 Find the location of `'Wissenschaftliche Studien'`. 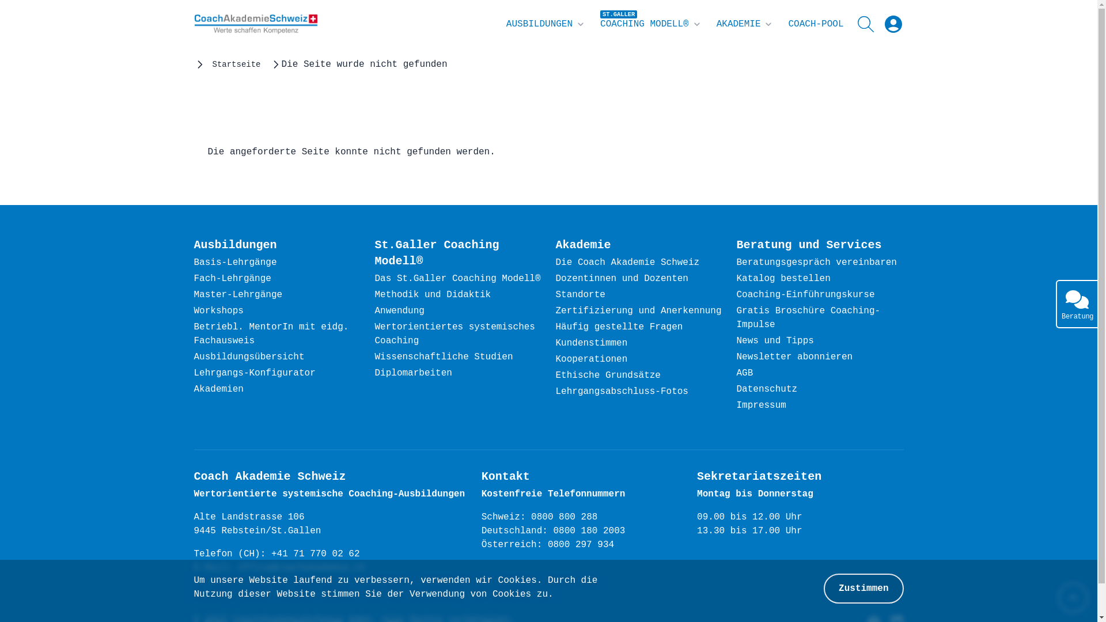

'Wissenschaftliche Studien' is located at coordinates (442, 357).